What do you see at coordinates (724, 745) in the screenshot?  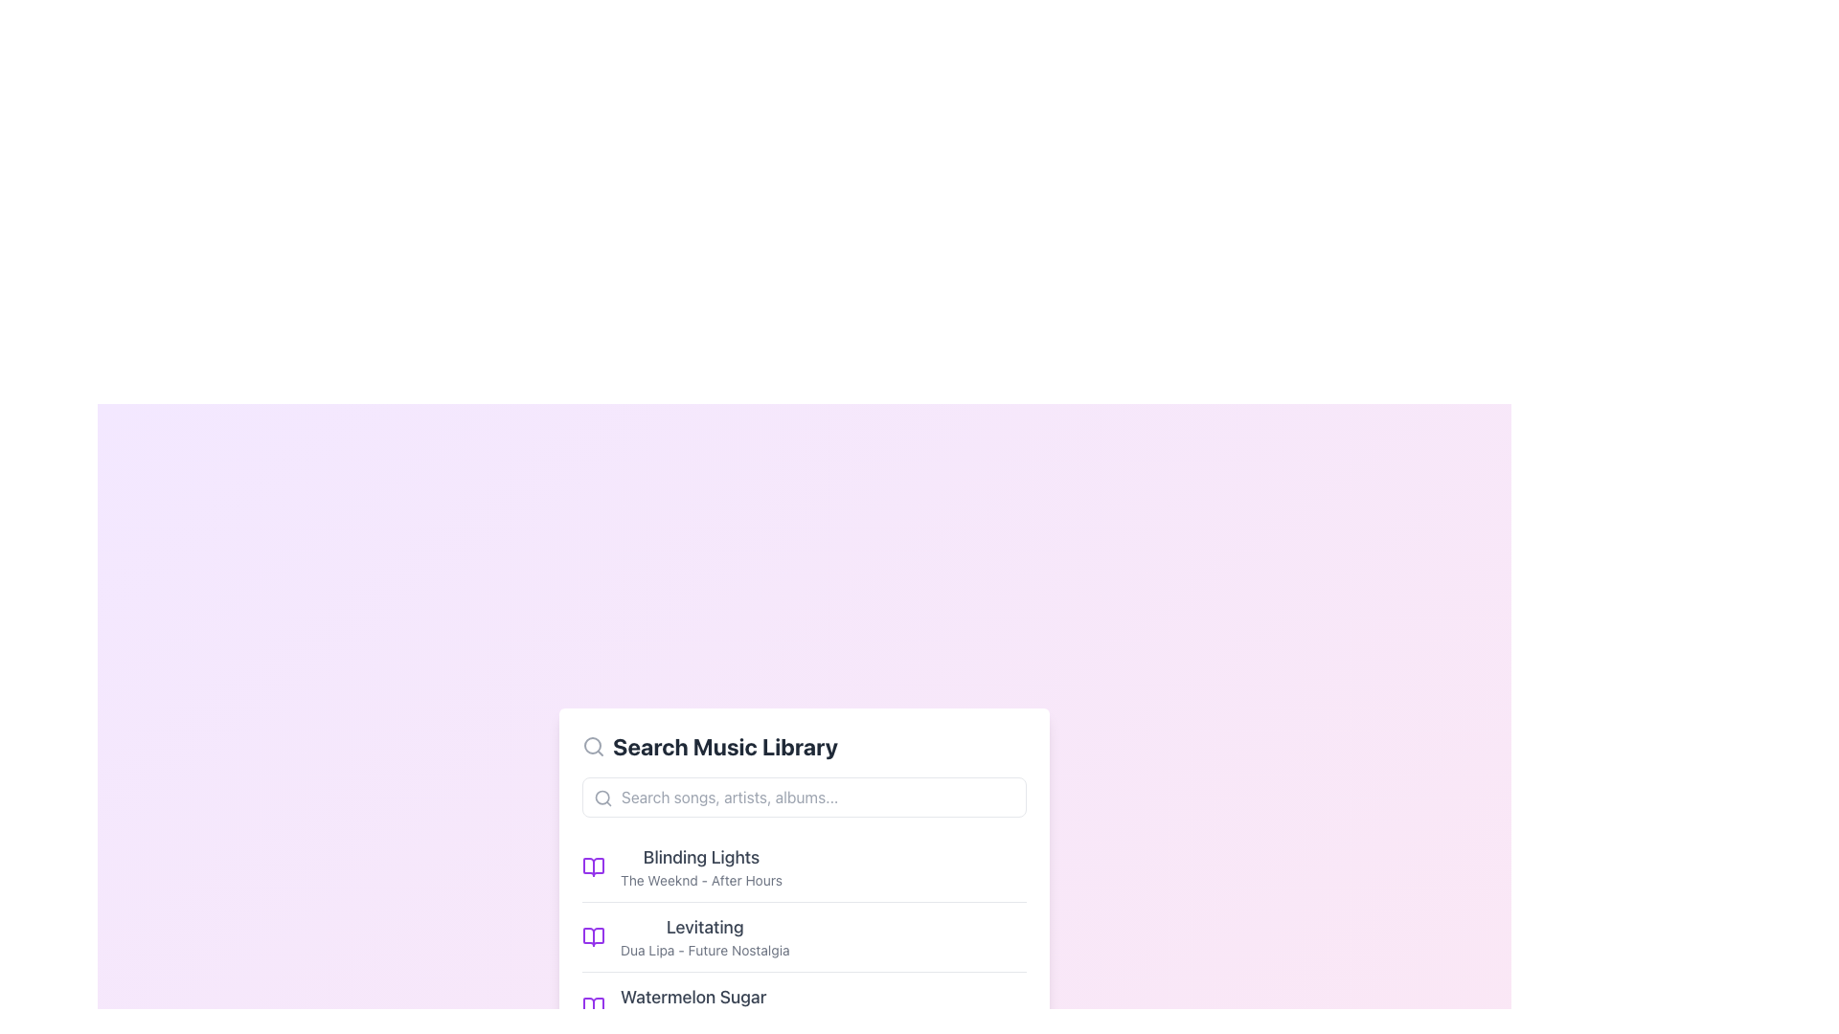 I see `the descriptive text label for the music library search section, which is positioned near the top of the content area and is adjacent to a search icon` at bounding box center [724, 745].